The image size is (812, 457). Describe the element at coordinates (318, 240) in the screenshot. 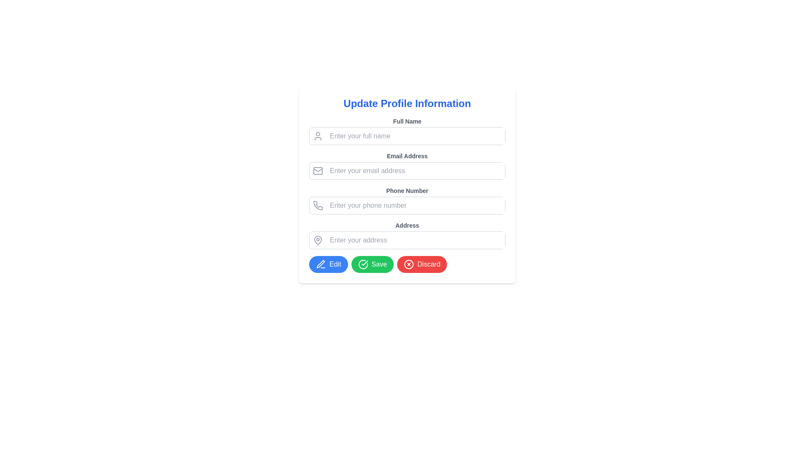

I see `the gray pin icon located to the left of the 'Address' input field in the fourth input field group` at that location.